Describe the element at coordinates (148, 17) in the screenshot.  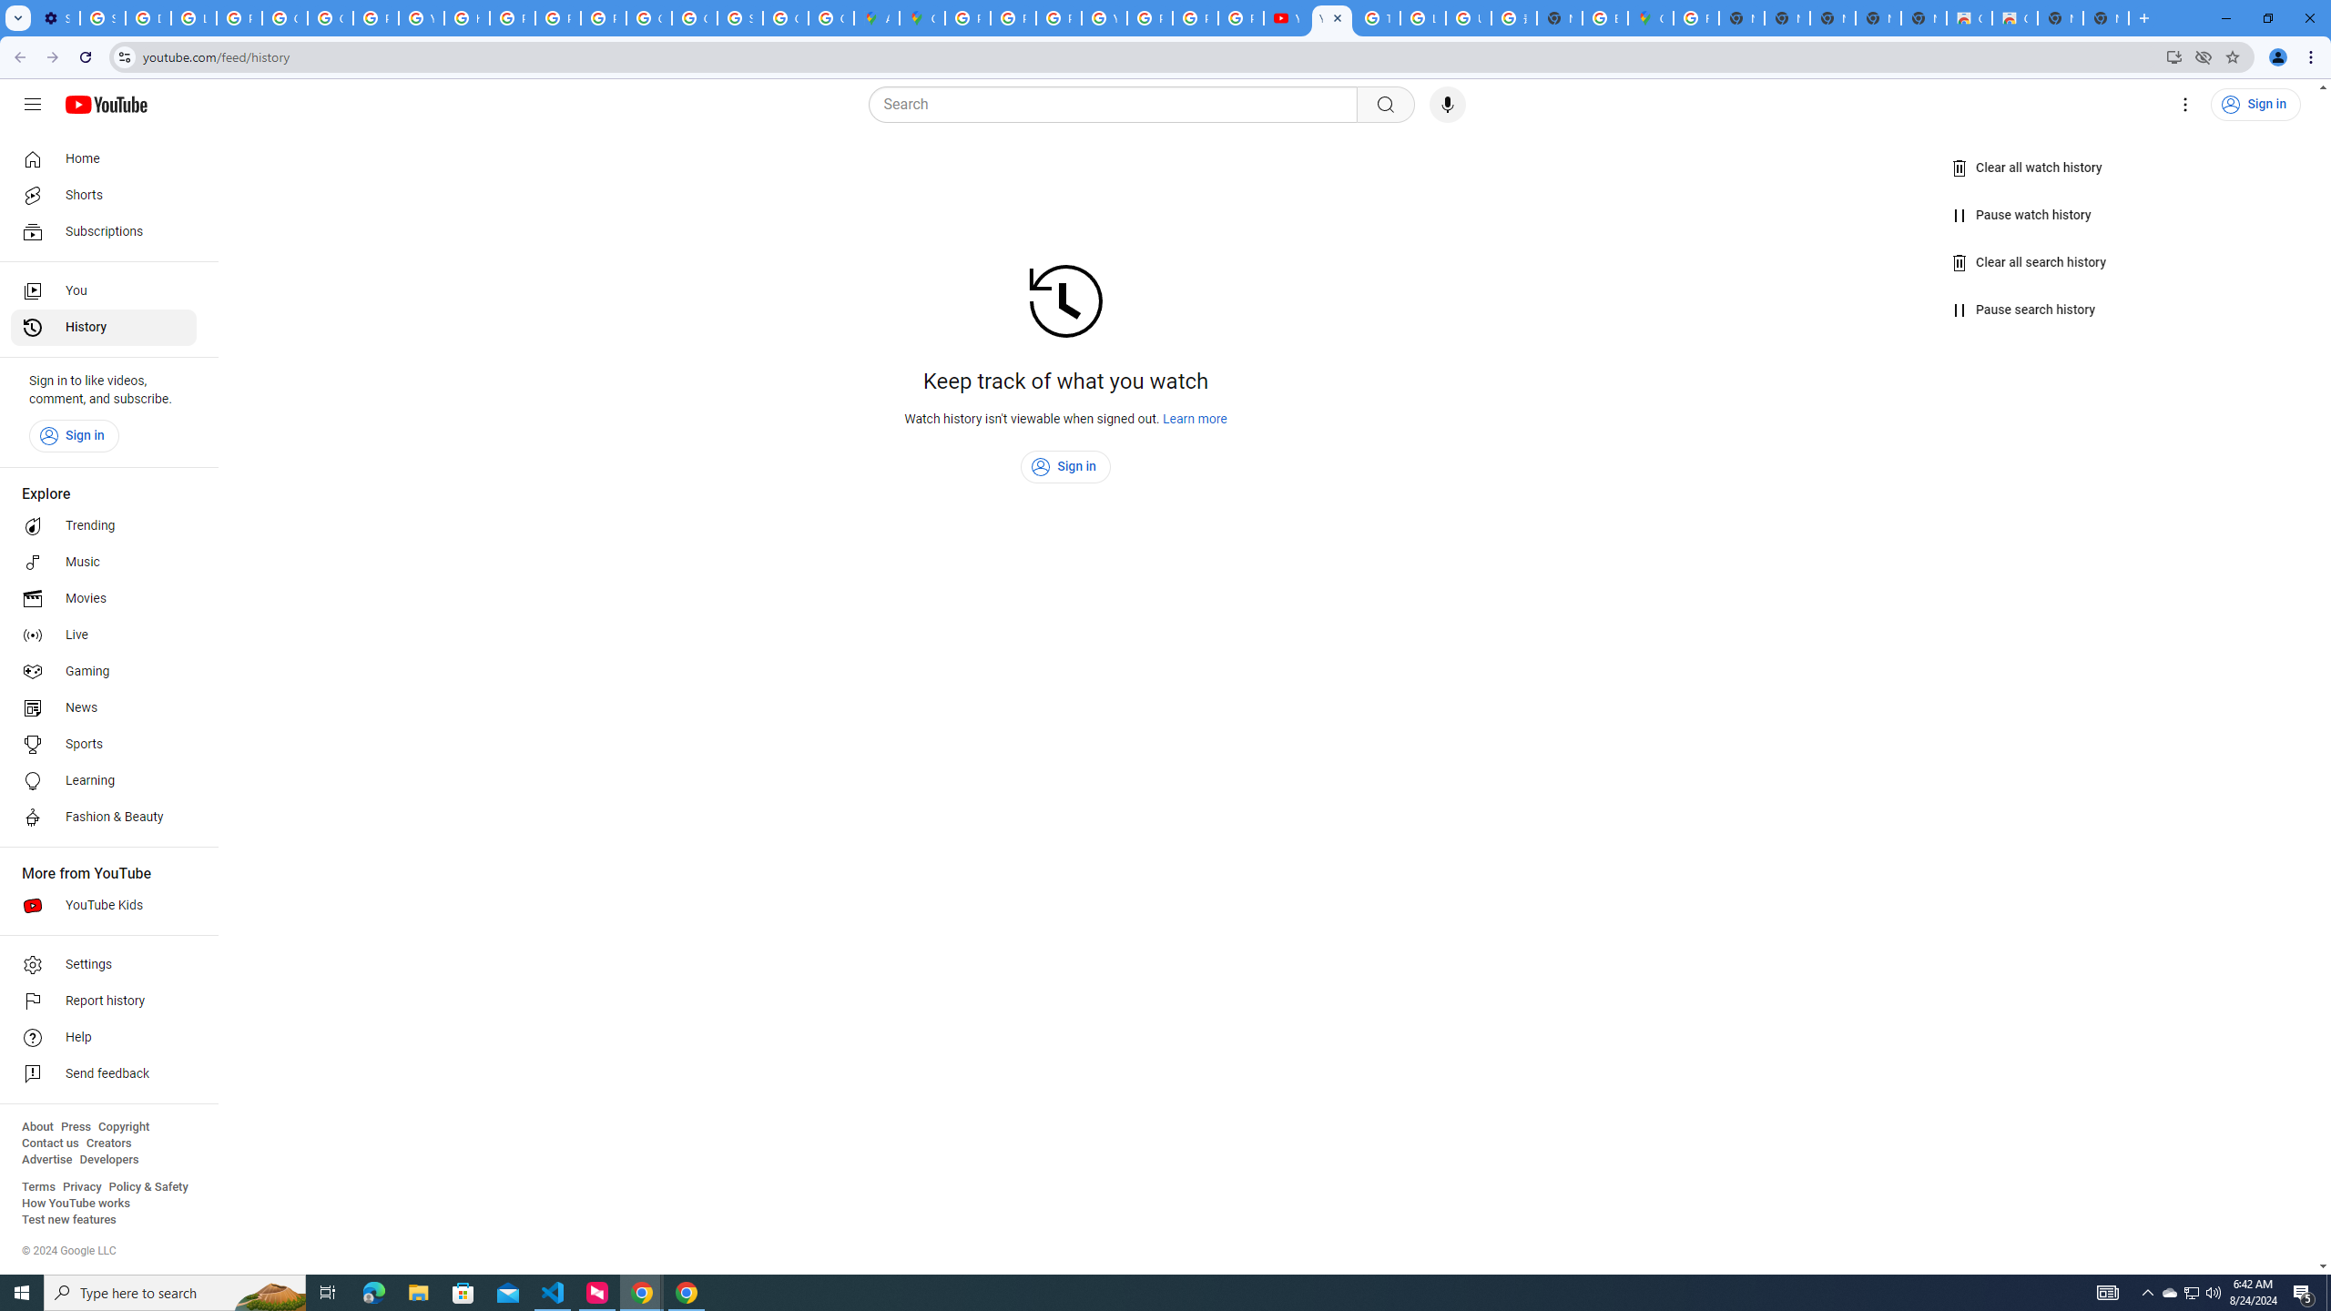
I see `'Delete photos & videos - Computer - Google Photos Help'` at that location.